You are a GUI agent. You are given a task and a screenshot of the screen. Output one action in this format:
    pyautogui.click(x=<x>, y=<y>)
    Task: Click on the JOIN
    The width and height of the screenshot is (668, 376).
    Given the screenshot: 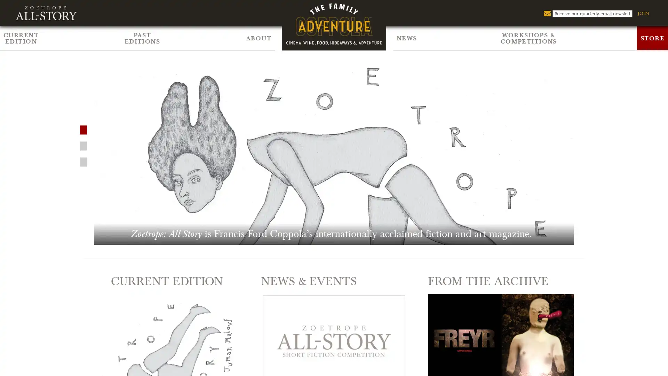 What is the action you would take?
    pyautogui.click(x=643, y=13)
    